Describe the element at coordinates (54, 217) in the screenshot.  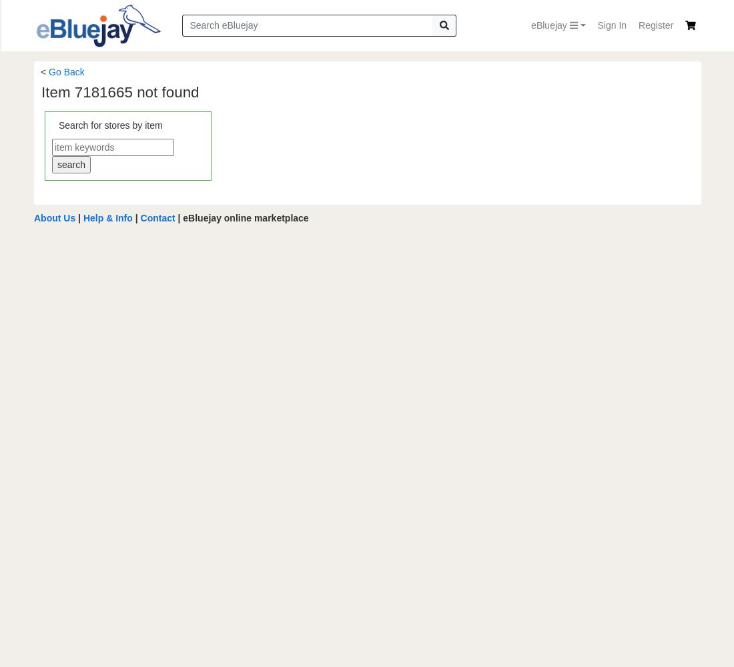
I see `'About Us'` at that location.